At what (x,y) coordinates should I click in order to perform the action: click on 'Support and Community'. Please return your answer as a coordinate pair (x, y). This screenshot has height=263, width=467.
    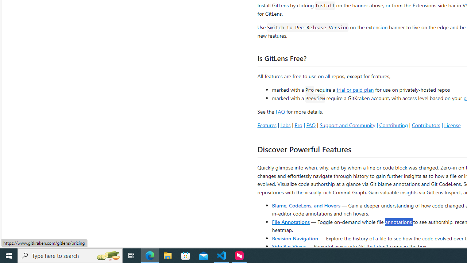
    Looking at the image, I should click on (347, 125).